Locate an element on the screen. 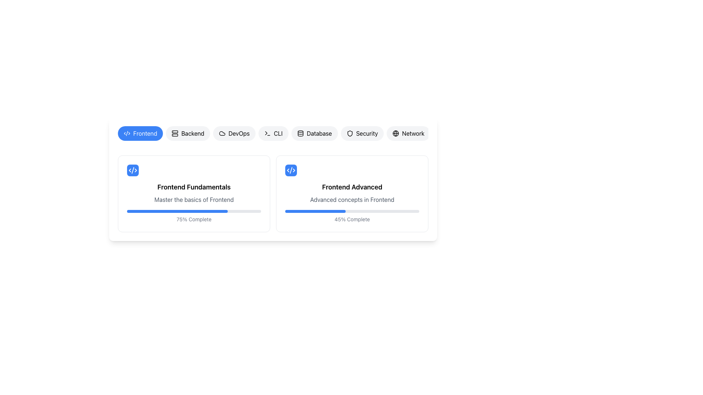 The image size is (703, 395). the globe outline icon representing connectivity, which is embedded in the 'Network' button at the top-right of the category buttons is located at coordinates (395, 133).